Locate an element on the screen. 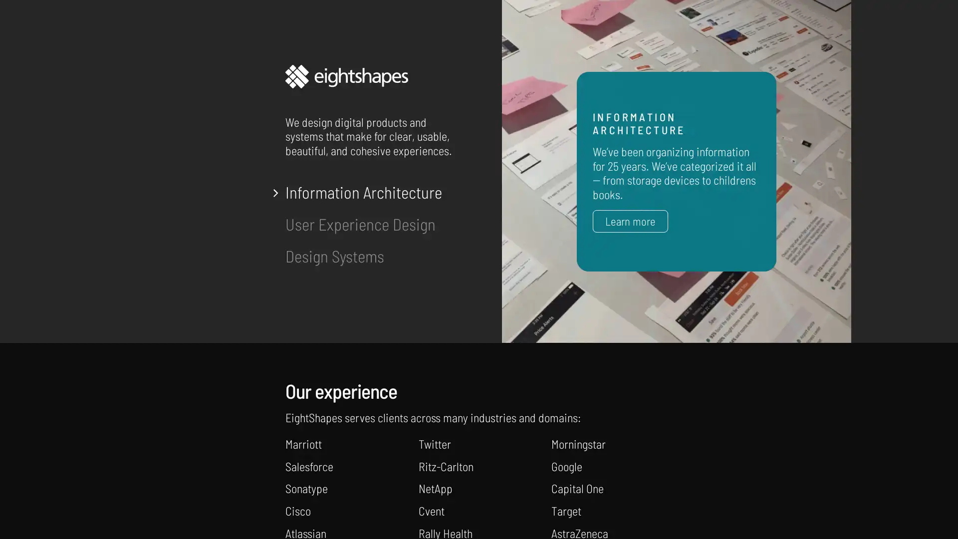 The image size is (958, 539). User Experience Design is located at coordinates (360, 223).